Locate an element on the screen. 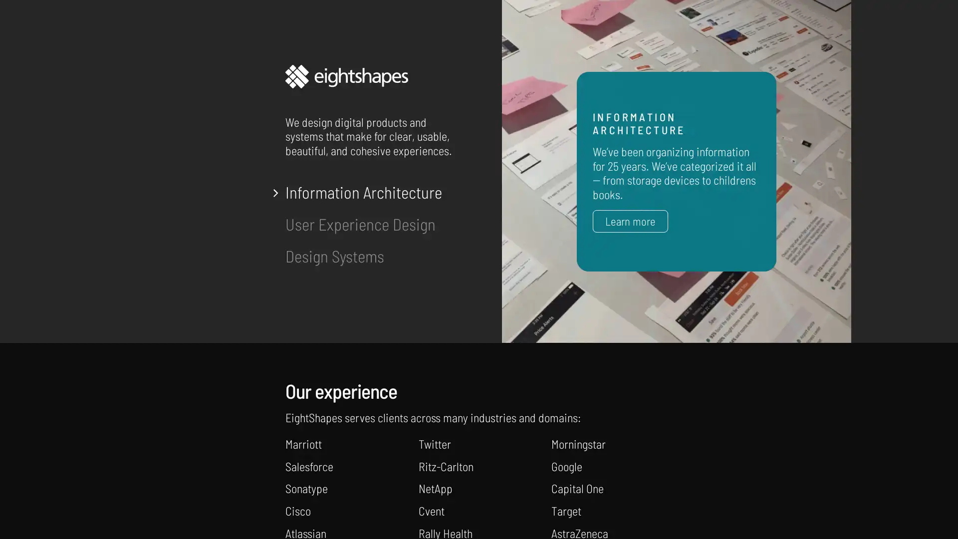 The image size is (958, 539). User Experience Design is located at coordinates (360, 223).